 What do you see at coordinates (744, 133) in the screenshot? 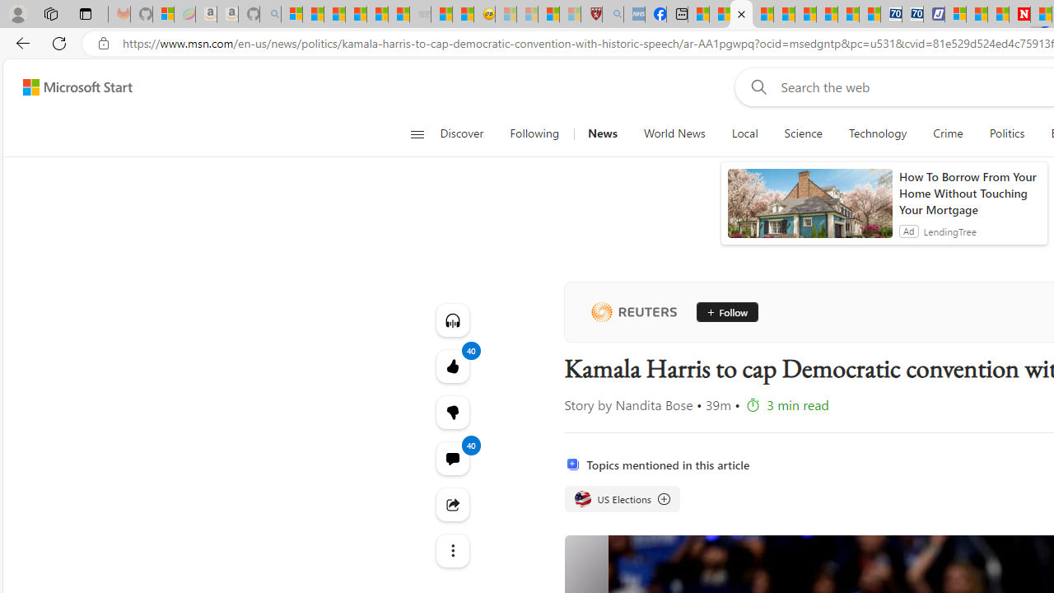
I see `'Local'` at bounding box center [744, 133].